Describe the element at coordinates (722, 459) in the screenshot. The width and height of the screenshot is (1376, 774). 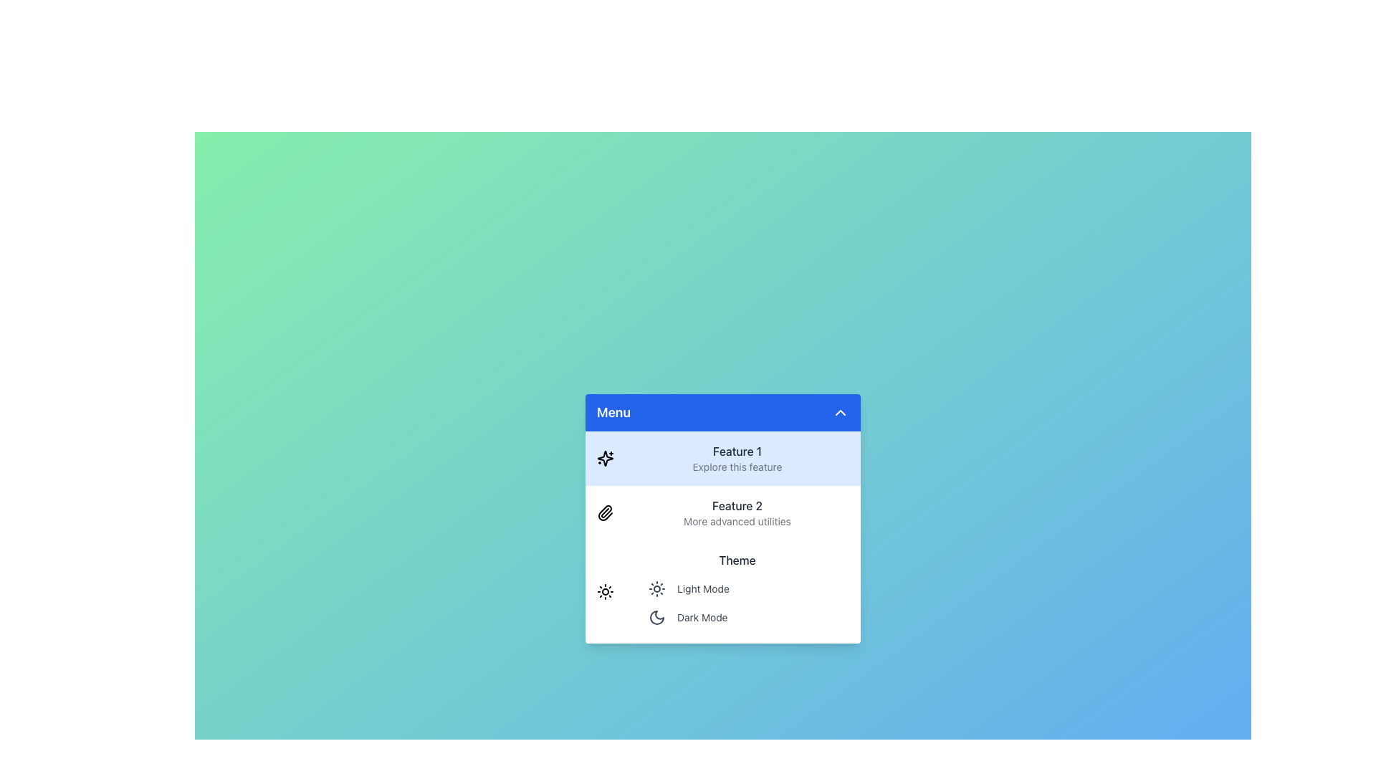
I see `the first menu item with a light blue background that contains a star plus icon and the text 'Feature 1'` at that location.